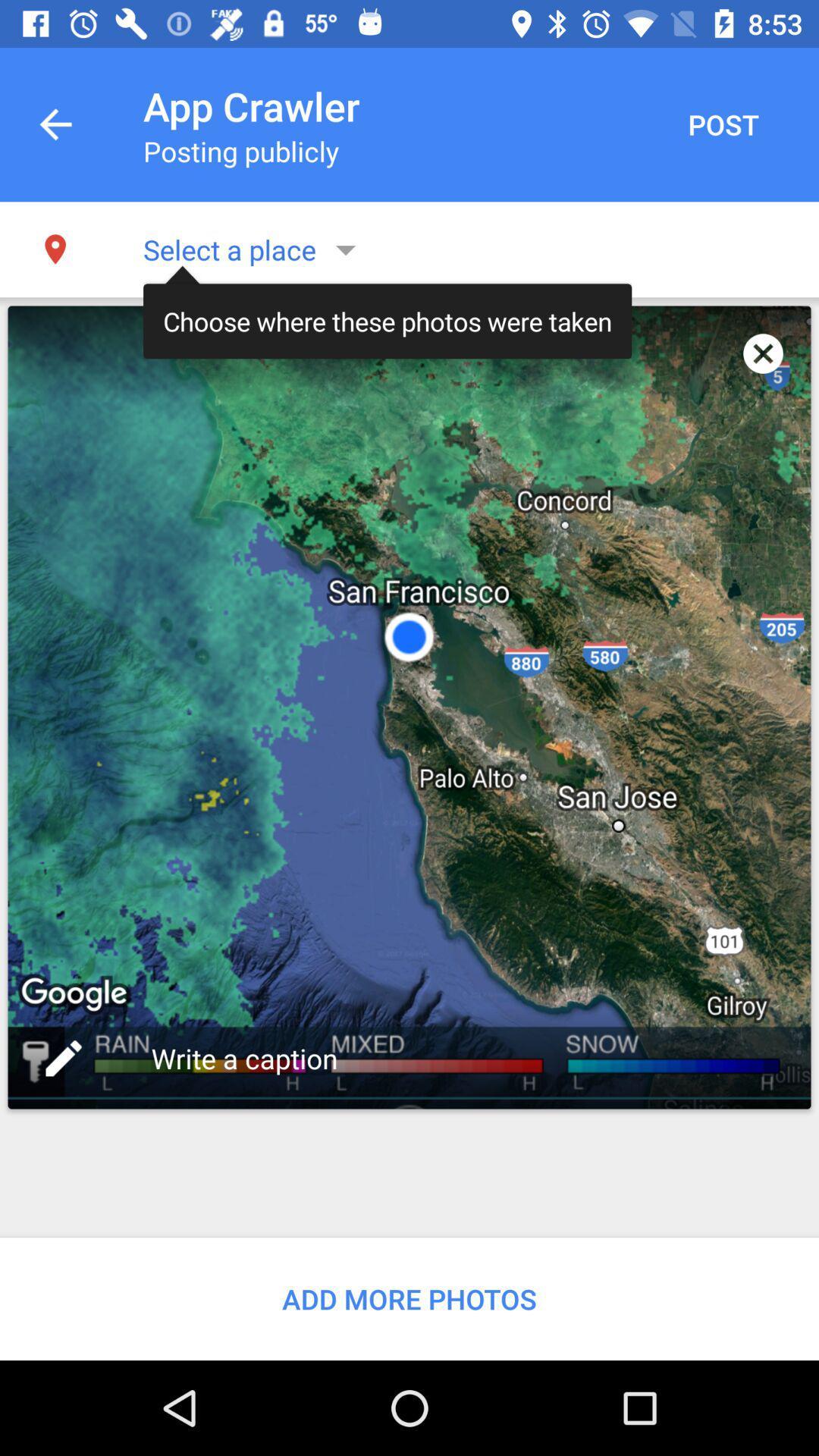  I want to click on the app next to the choose where these icon, so click(763, 353).